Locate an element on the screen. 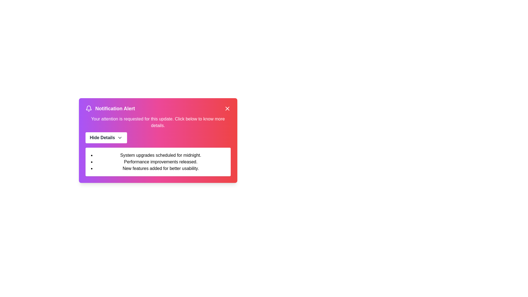 Image resolution: width=528 pixels, height=297 pixels. the bell icon to trigger the associated interaction is located at coordinates (89, 108).